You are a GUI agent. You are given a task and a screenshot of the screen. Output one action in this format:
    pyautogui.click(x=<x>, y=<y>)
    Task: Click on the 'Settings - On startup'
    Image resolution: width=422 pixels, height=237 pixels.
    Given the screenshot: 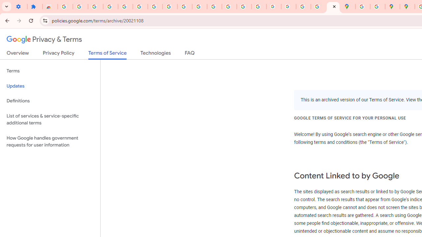 What is the action you would take?
    pyautogui.click(x=20, y=7)
    